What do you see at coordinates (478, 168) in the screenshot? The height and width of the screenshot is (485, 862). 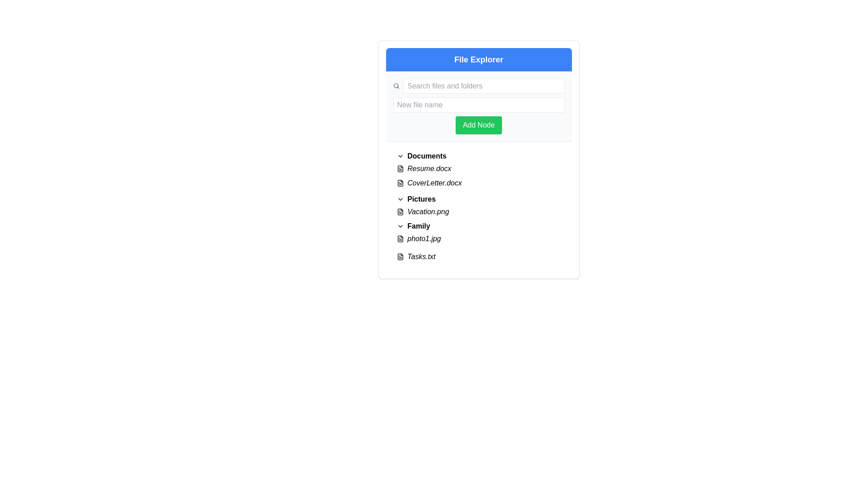 I see `the file display entry labeled 'Resume.docx' in the Documents subsection` at bounding box center [478, 168].